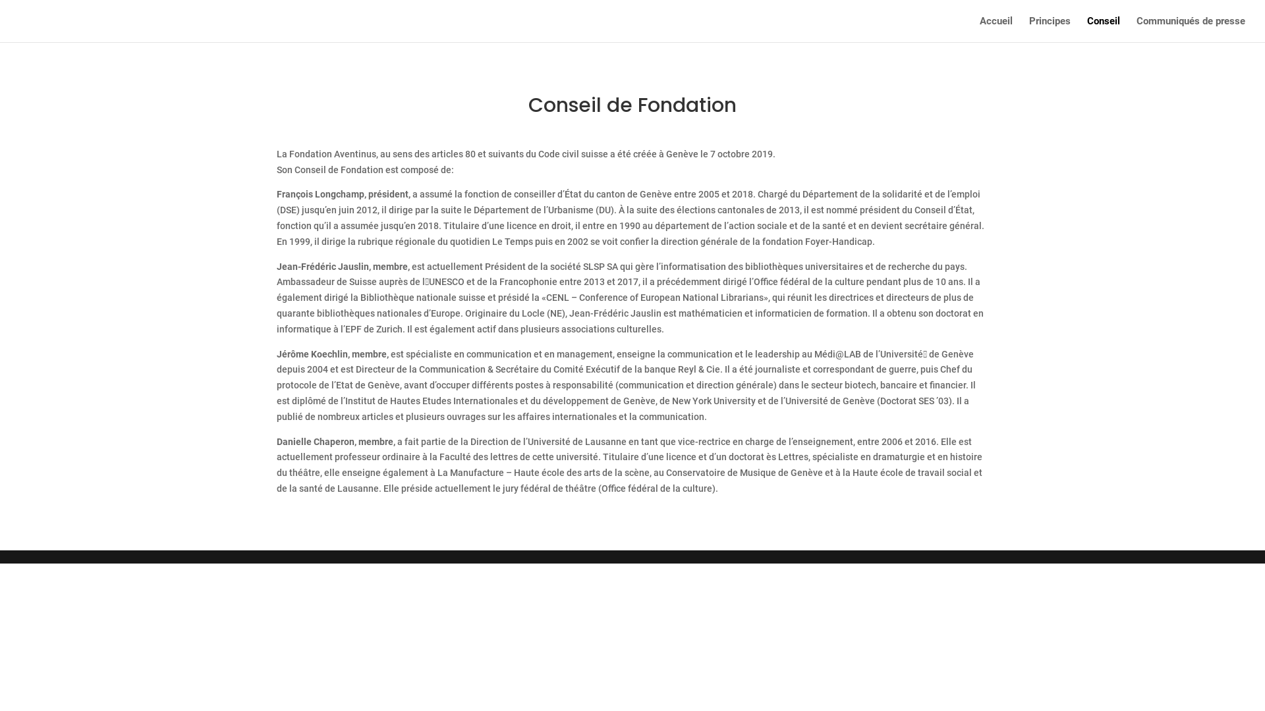 This screenshot has height=711, width=1265. What do you see at coordinates (1049, 29) in the screenshot?
I see `'Principes'` at bounding box center [1049, 29].